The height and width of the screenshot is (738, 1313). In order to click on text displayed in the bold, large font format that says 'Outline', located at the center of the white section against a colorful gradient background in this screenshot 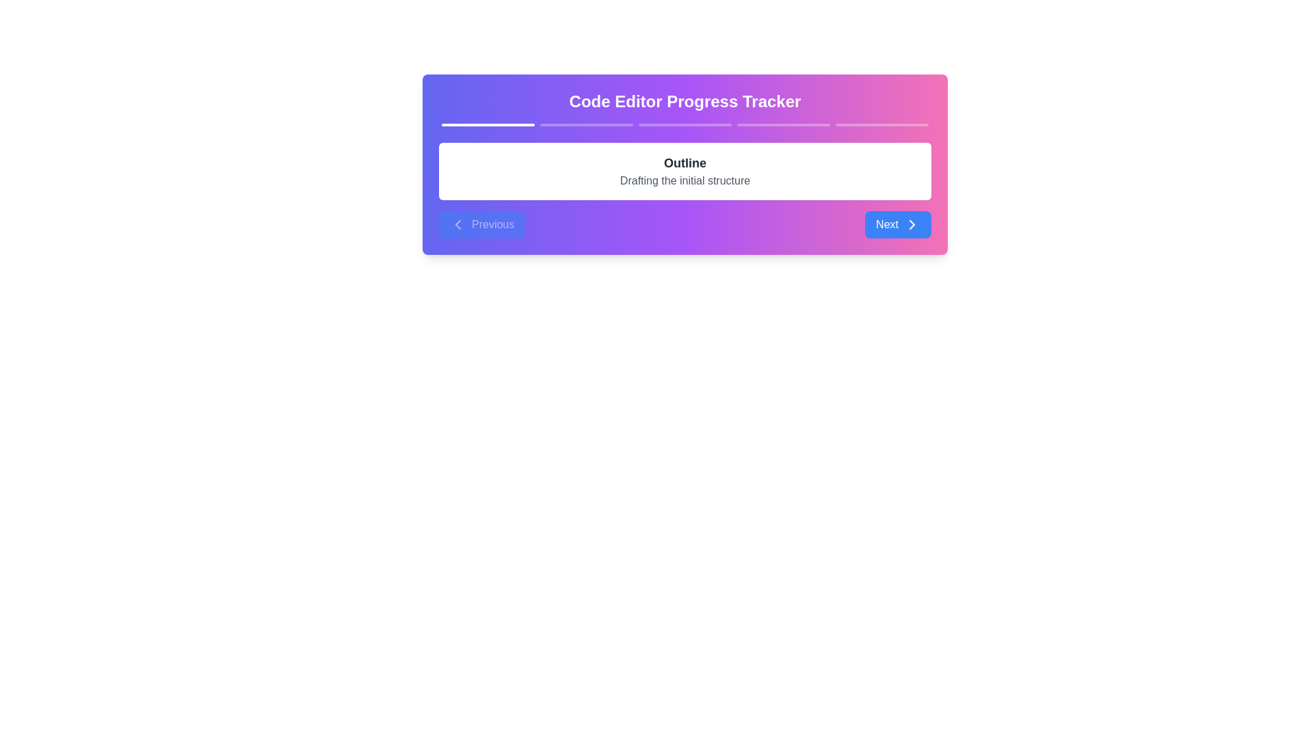, I will do `click(685, 163)`.